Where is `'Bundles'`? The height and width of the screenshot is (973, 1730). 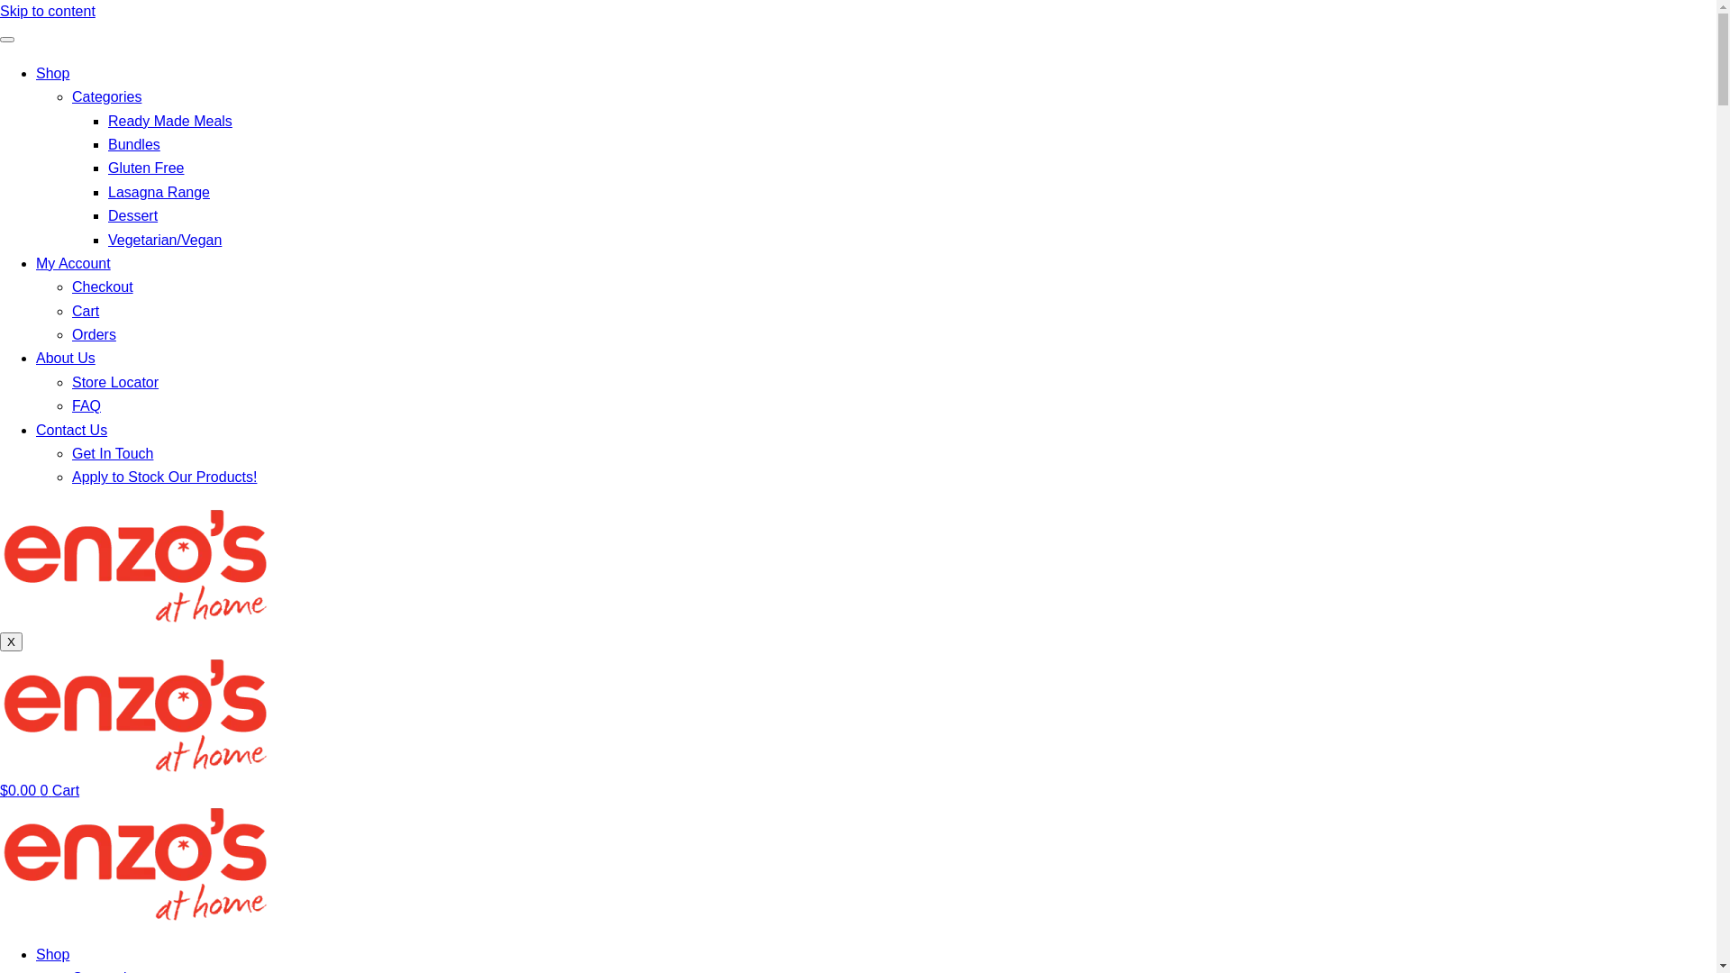 'Bundles' is located at coordinates (132, 143).